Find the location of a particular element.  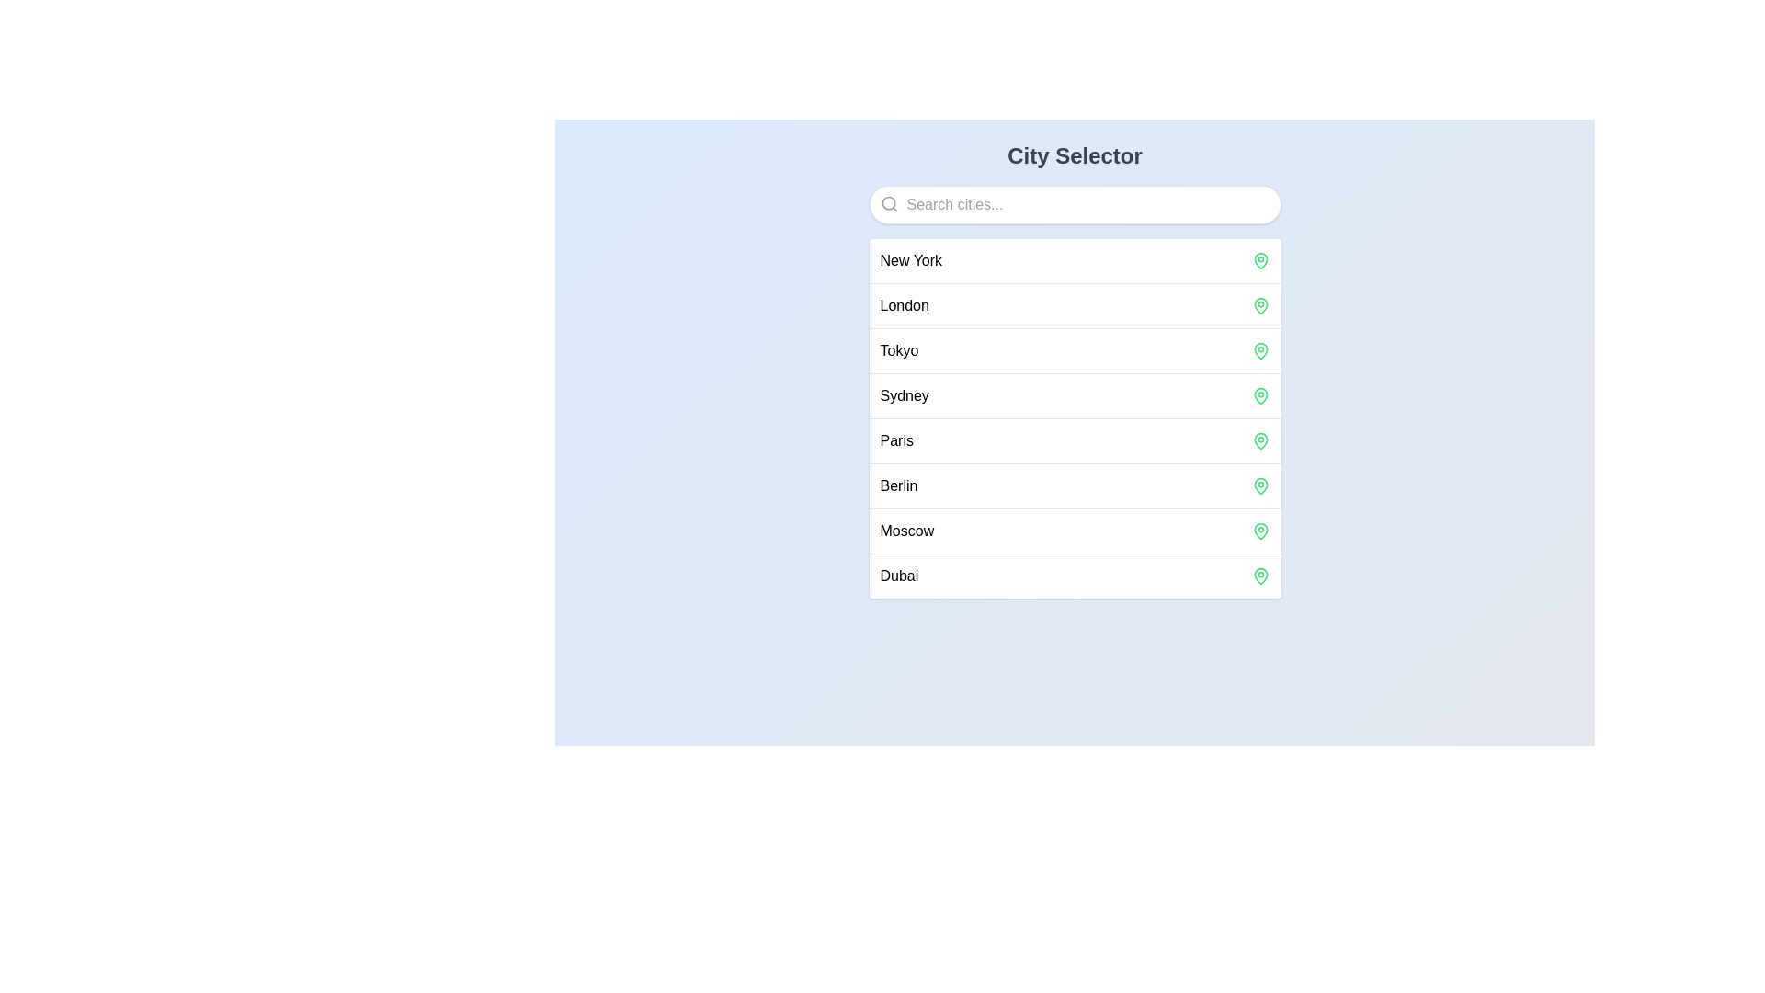

the text label representing the fourth city in the city selector, which is positioned below 'Tokyo' and above 'Paris' is located at coordinates (905, 395).